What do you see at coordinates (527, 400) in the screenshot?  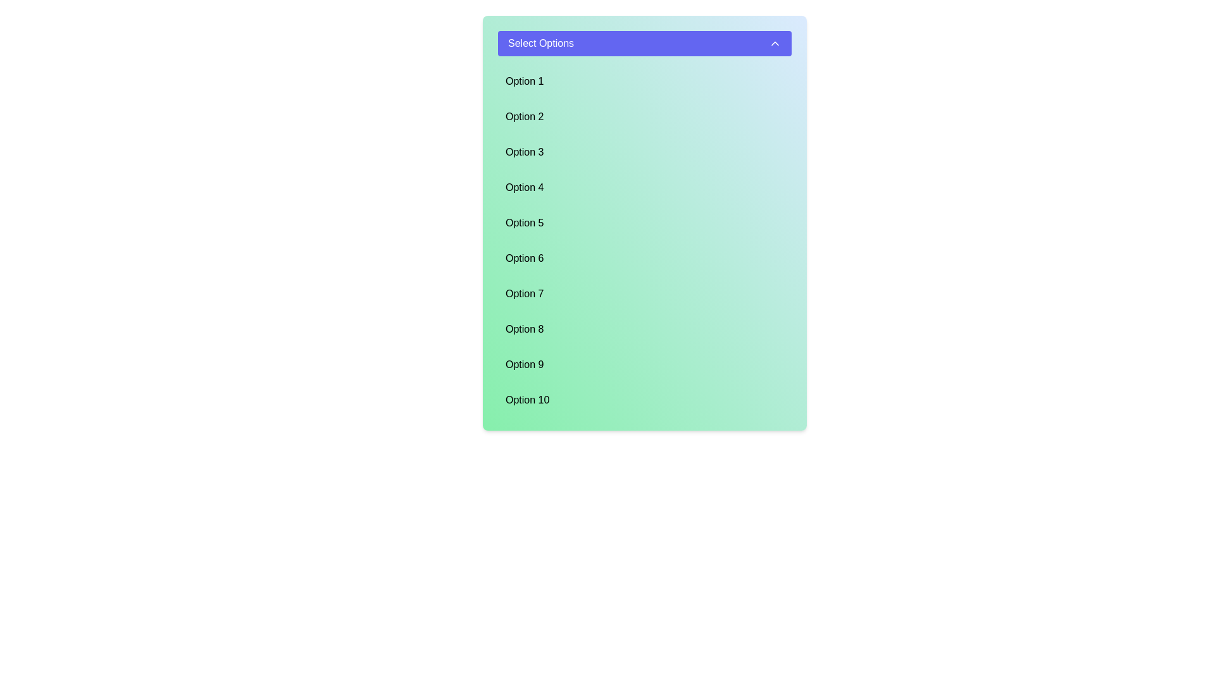 I see `the text label indicating the last selectable menu option in the vertical dropdown menu, located at the bottom center of the menu box` at bounding box center [527, 400].